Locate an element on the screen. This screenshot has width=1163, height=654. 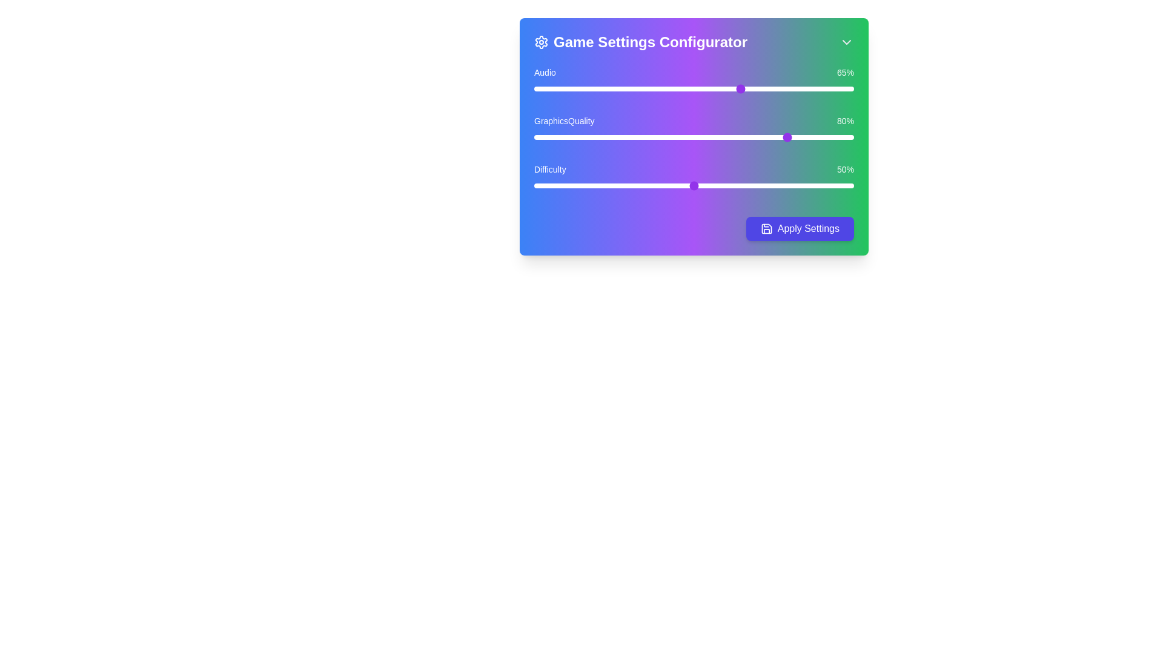
the difficulty slider is located at coordinates (751, 186).